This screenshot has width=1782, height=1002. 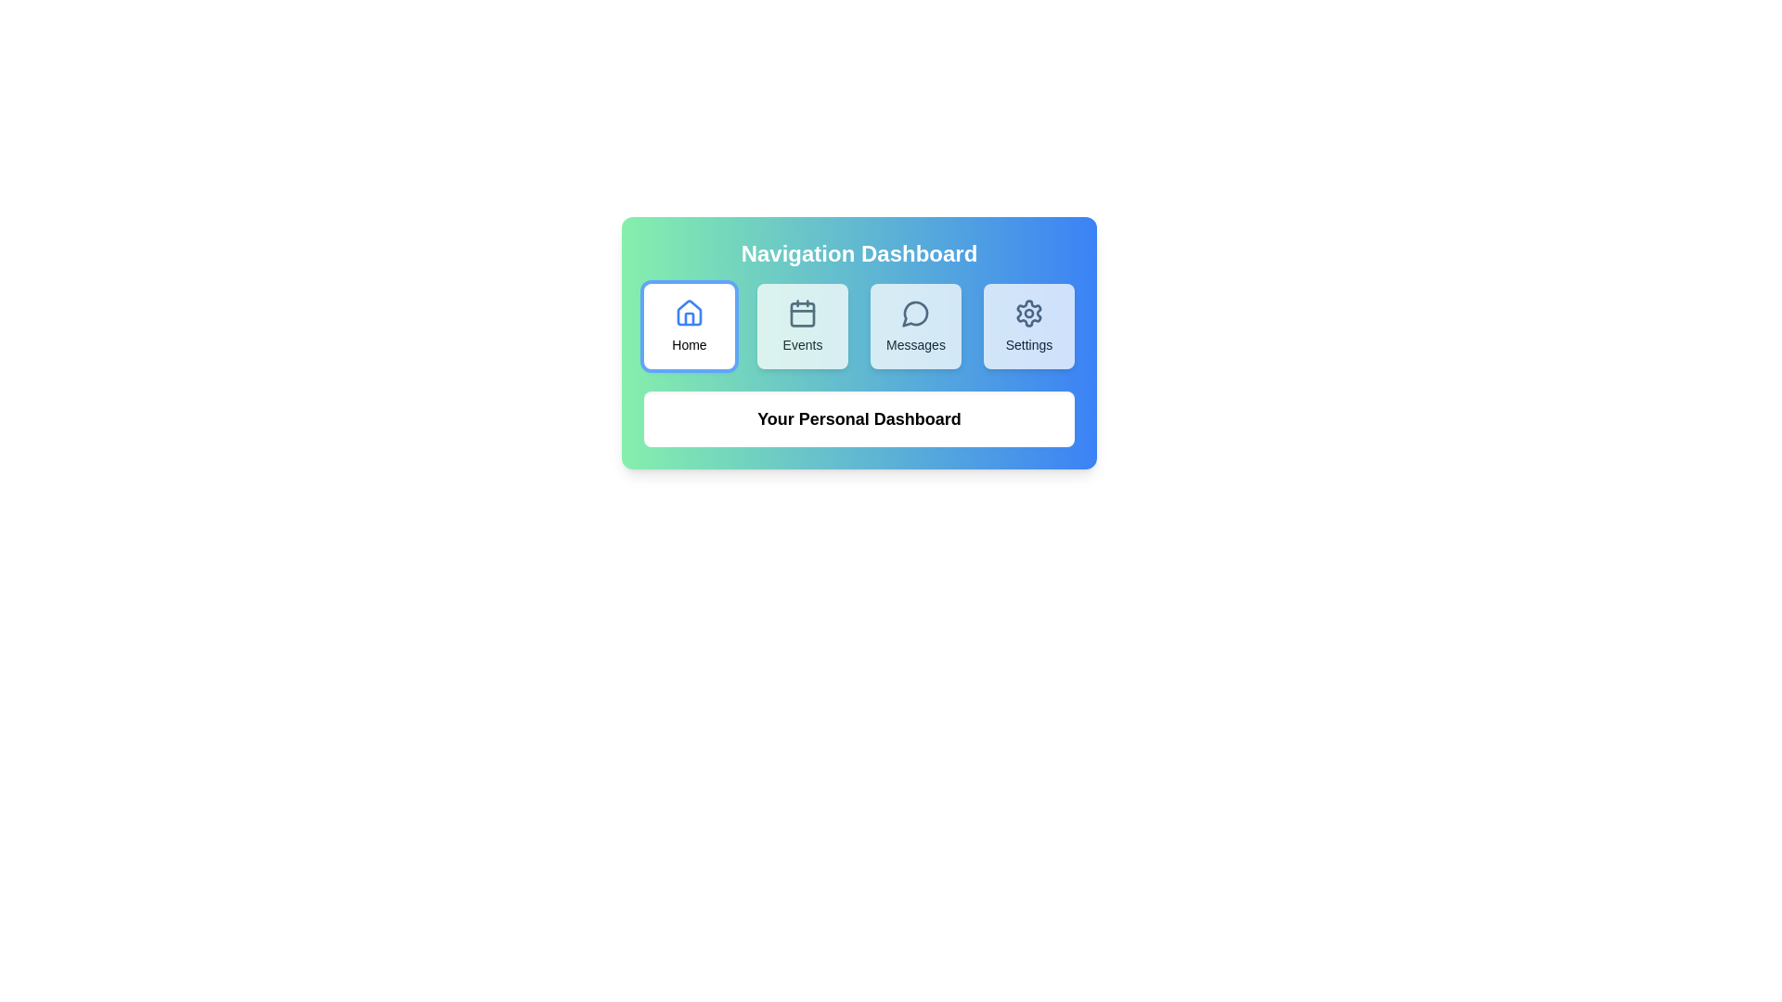 I want to click on the gear-shaped icon located beneath the 'Settings' label, so click(x=1027, y=313).